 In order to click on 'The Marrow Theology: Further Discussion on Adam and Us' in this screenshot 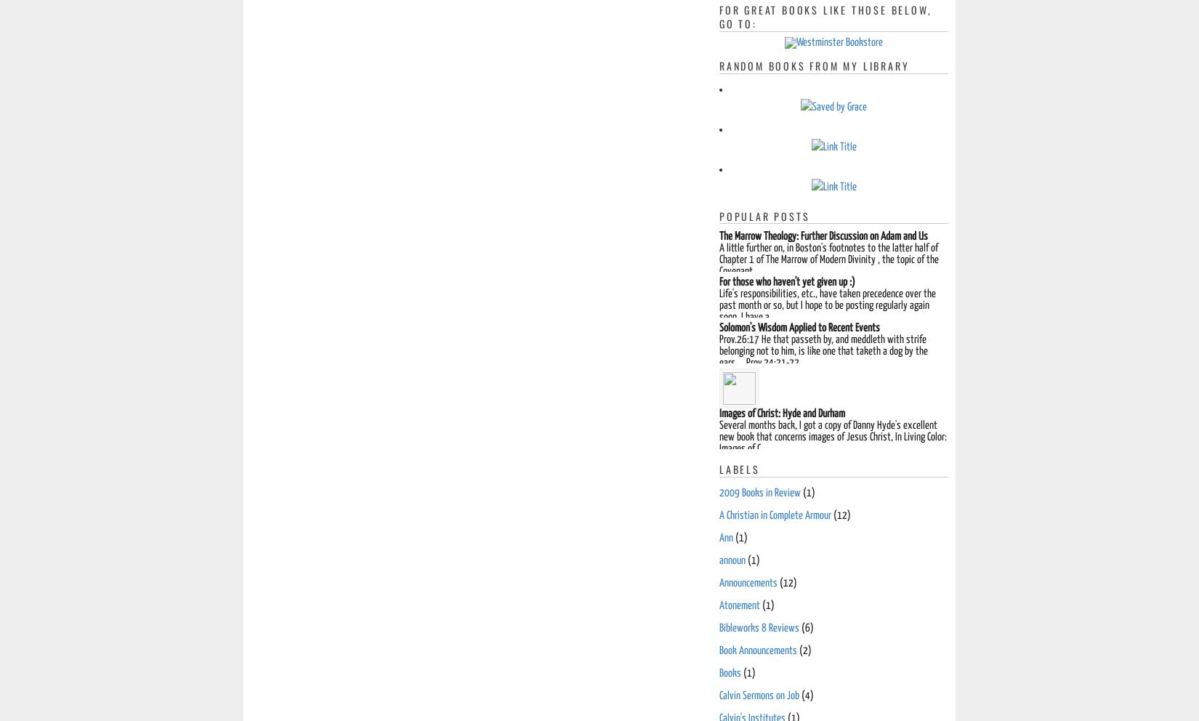, I will do `click(823, 236)`.